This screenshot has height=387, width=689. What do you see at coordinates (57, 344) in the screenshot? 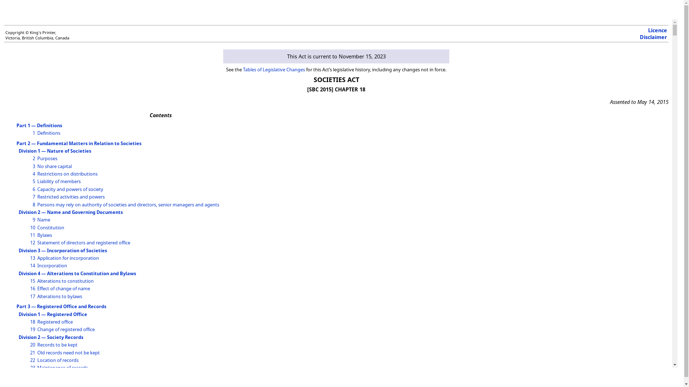
I see `'Records to be kept'` at bounding box center [57, 344].